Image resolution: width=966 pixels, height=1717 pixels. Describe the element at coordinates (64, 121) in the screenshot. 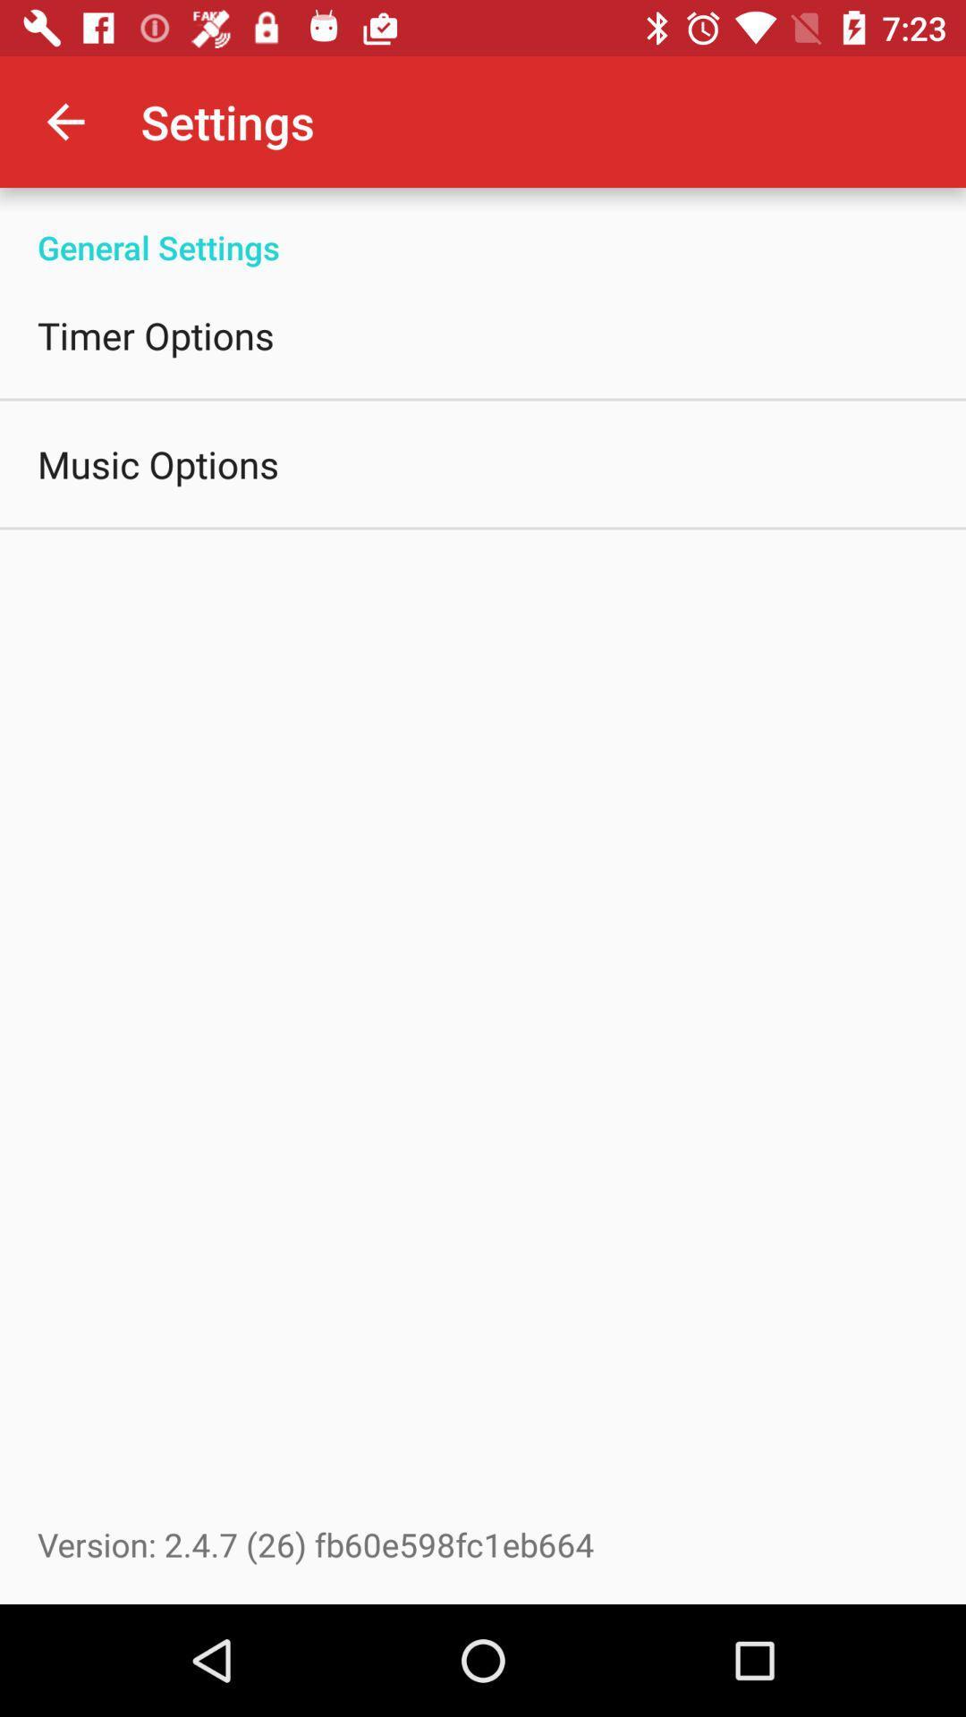

I see `the item next to settings item` at that location.